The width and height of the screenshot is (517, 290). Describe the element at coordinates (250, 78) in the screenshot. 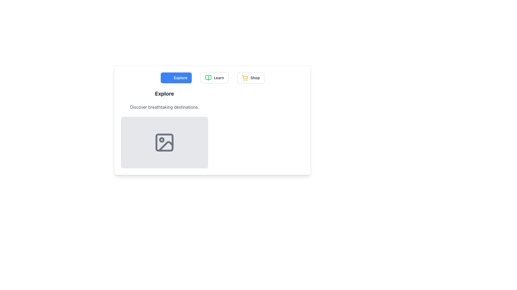

I see `the third button in a horizontal row, located to the right of the 'Learn' button` at that location.